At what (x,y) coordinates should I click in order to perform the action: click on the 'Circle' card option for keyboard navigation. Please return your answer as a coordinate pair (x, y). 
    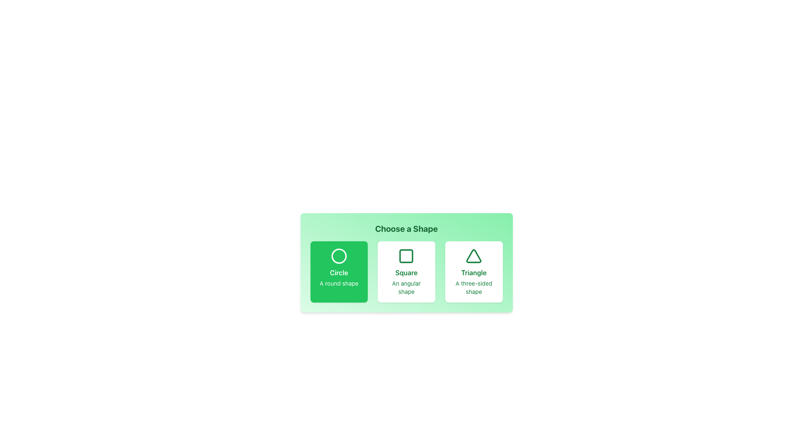
    Looking at the image, I should click on (339, 272).